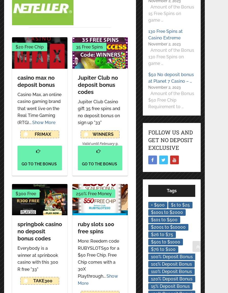  I want to click on '100% Deposit Bonus', so click(171, 256).